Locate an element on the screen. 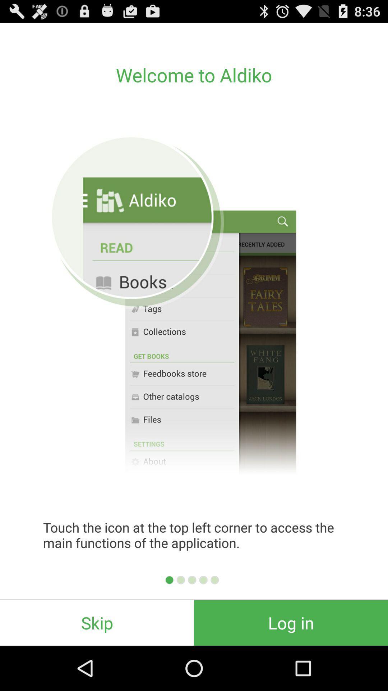 The image size is (388, 691). the log in is located at coordinates (291, 623).